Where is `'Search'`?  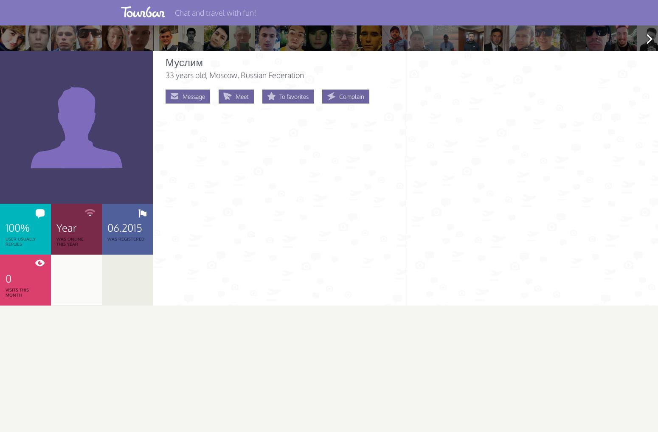 'Search' is located at coordinates (19, 87).